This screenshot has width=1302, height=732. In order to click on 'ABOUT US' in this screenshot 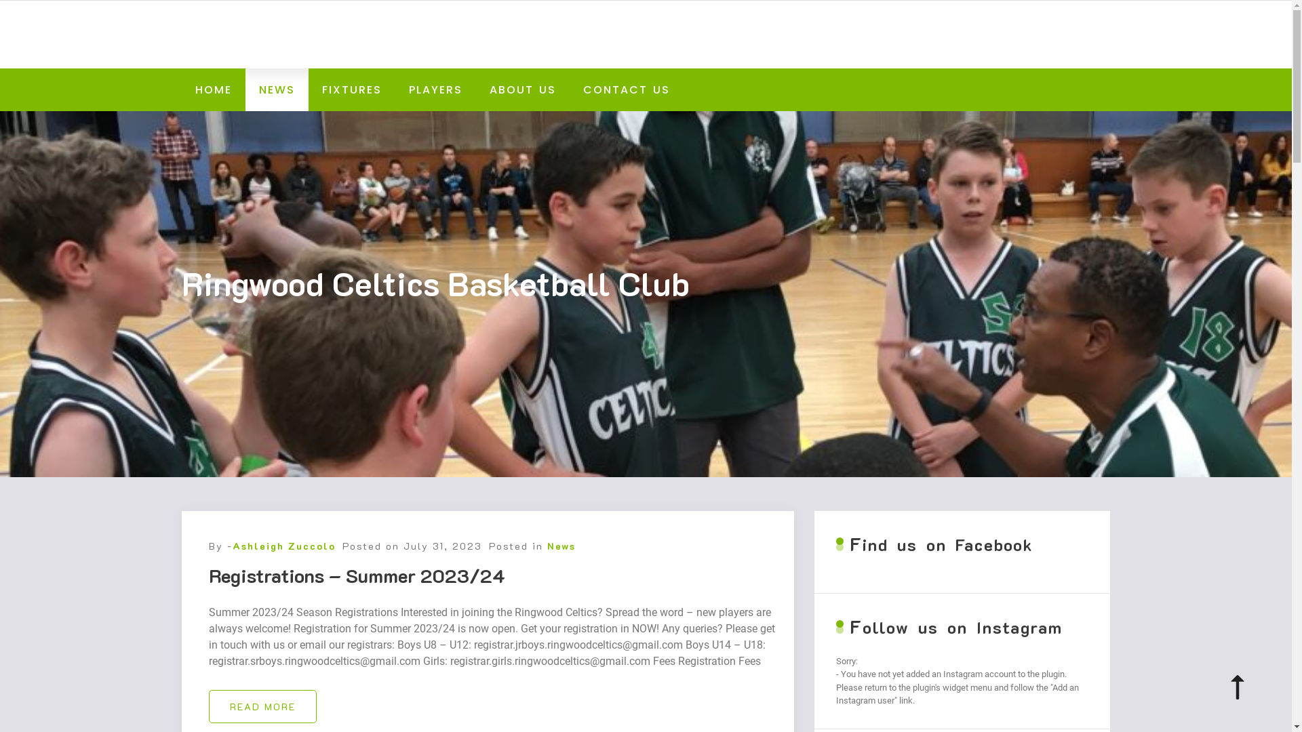, I will do `click(475, 89)`.